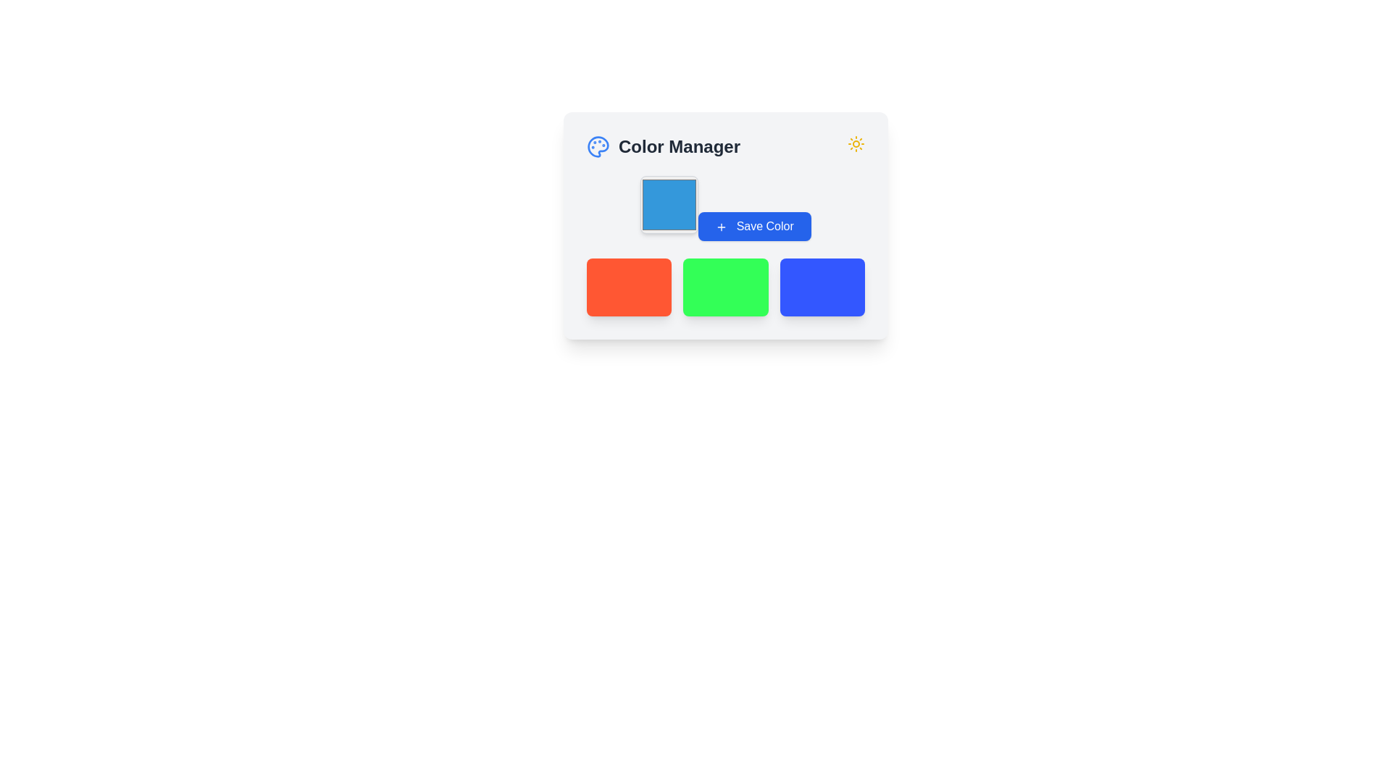 This screenshot has width=1391, height=782. Describe the element at coordinates (753, 226) in the screenshot. I see `the 'Save Color' button with a blue background and white text, located in the 'Color Manager' card` at that location.